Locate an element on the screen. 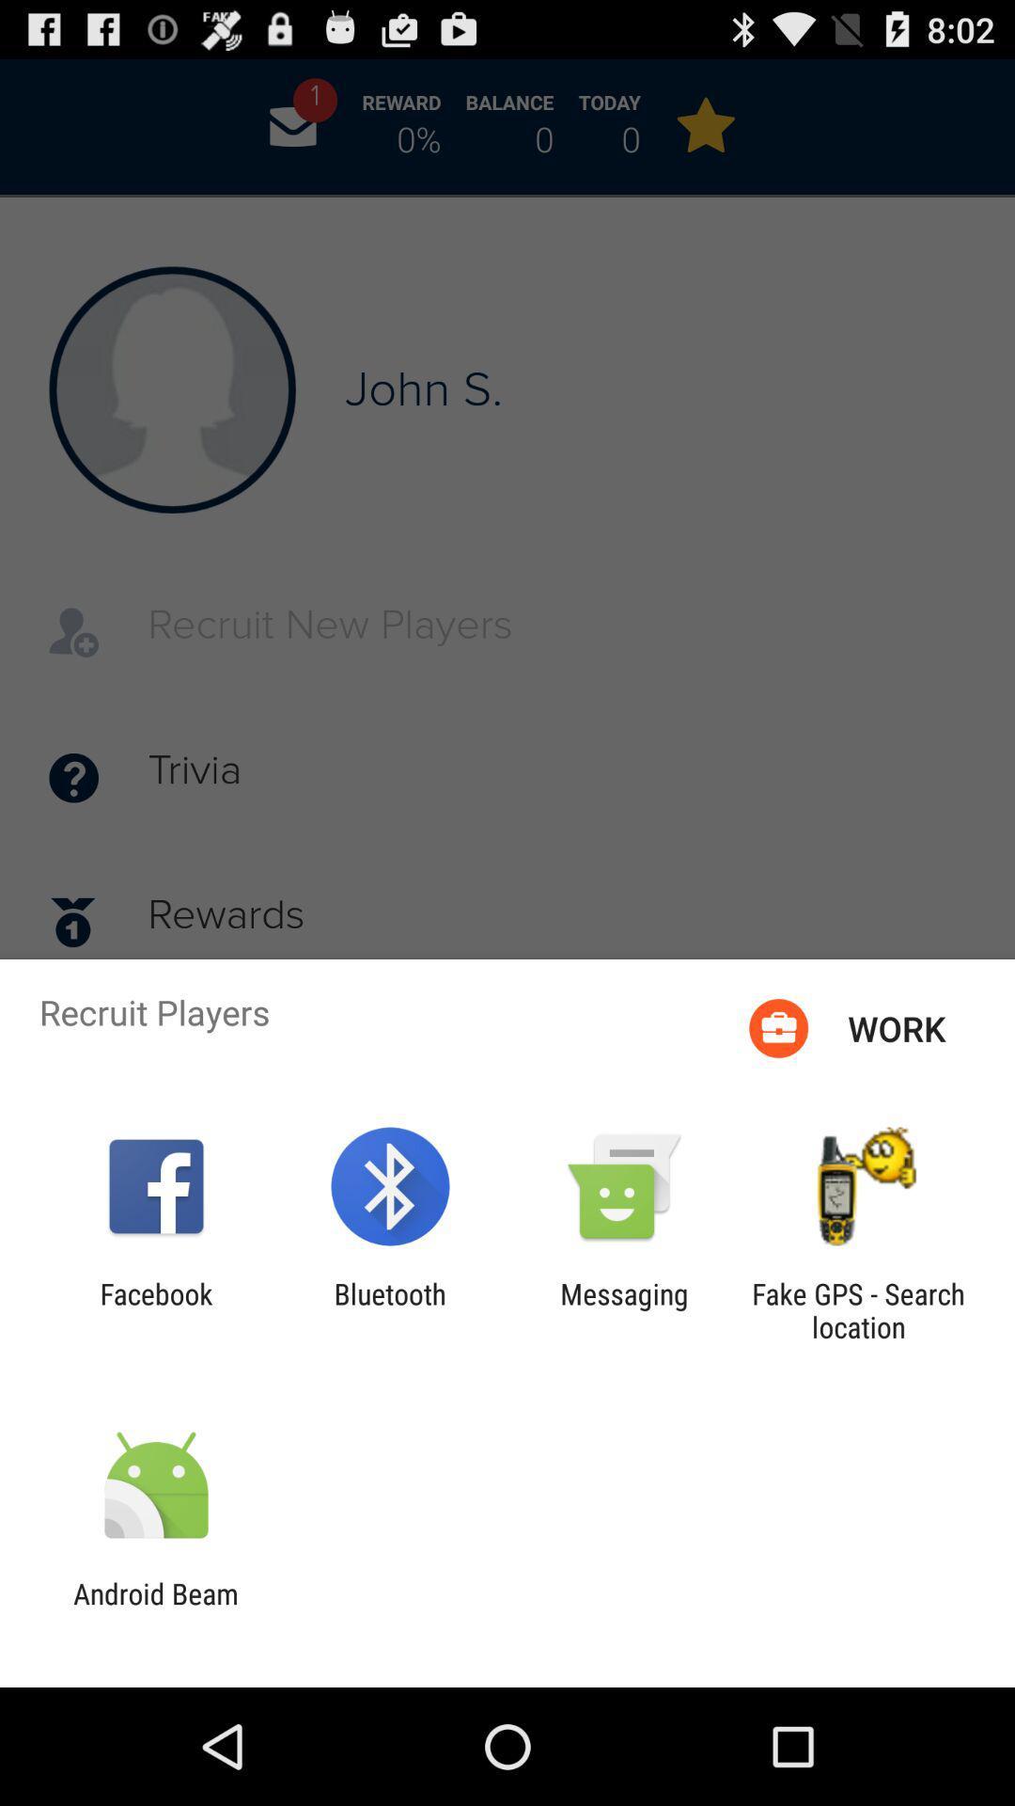 Image resolution: width=1015 pixels, height=1806 pixels. item next to the facebook item is located at coordinates (389, 1309).